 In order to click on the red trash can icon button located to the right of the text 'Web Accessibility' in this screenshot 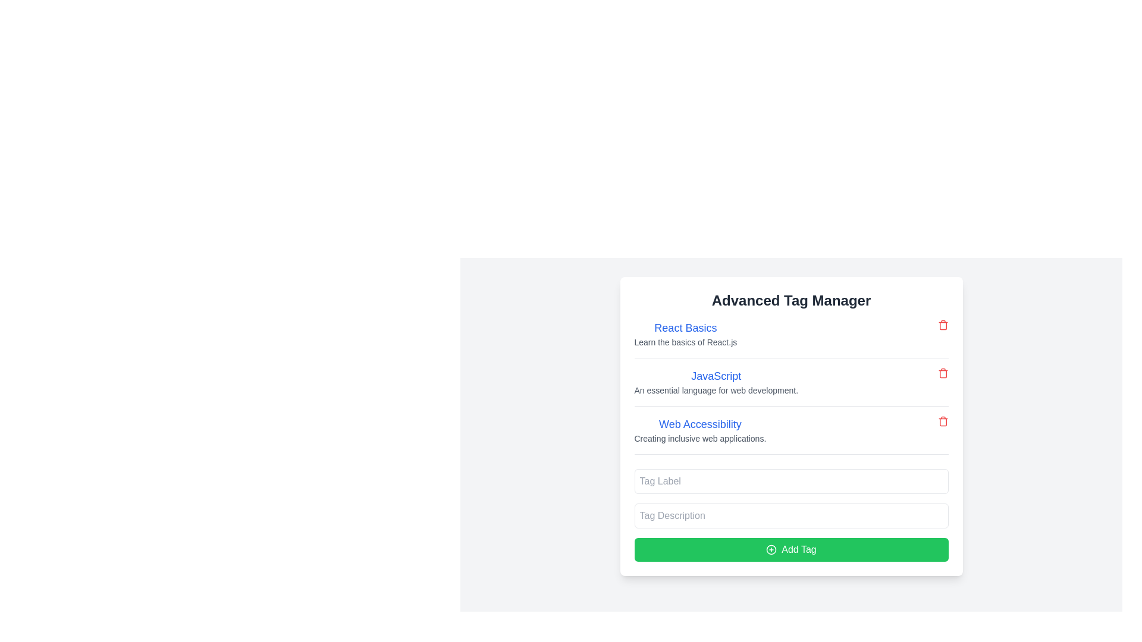, I will do `click(942, 421)`.